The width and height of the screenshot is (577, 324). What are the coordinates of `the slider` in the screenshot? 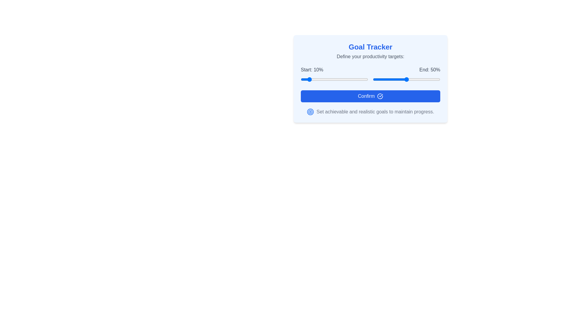 It's located at (414, 79).